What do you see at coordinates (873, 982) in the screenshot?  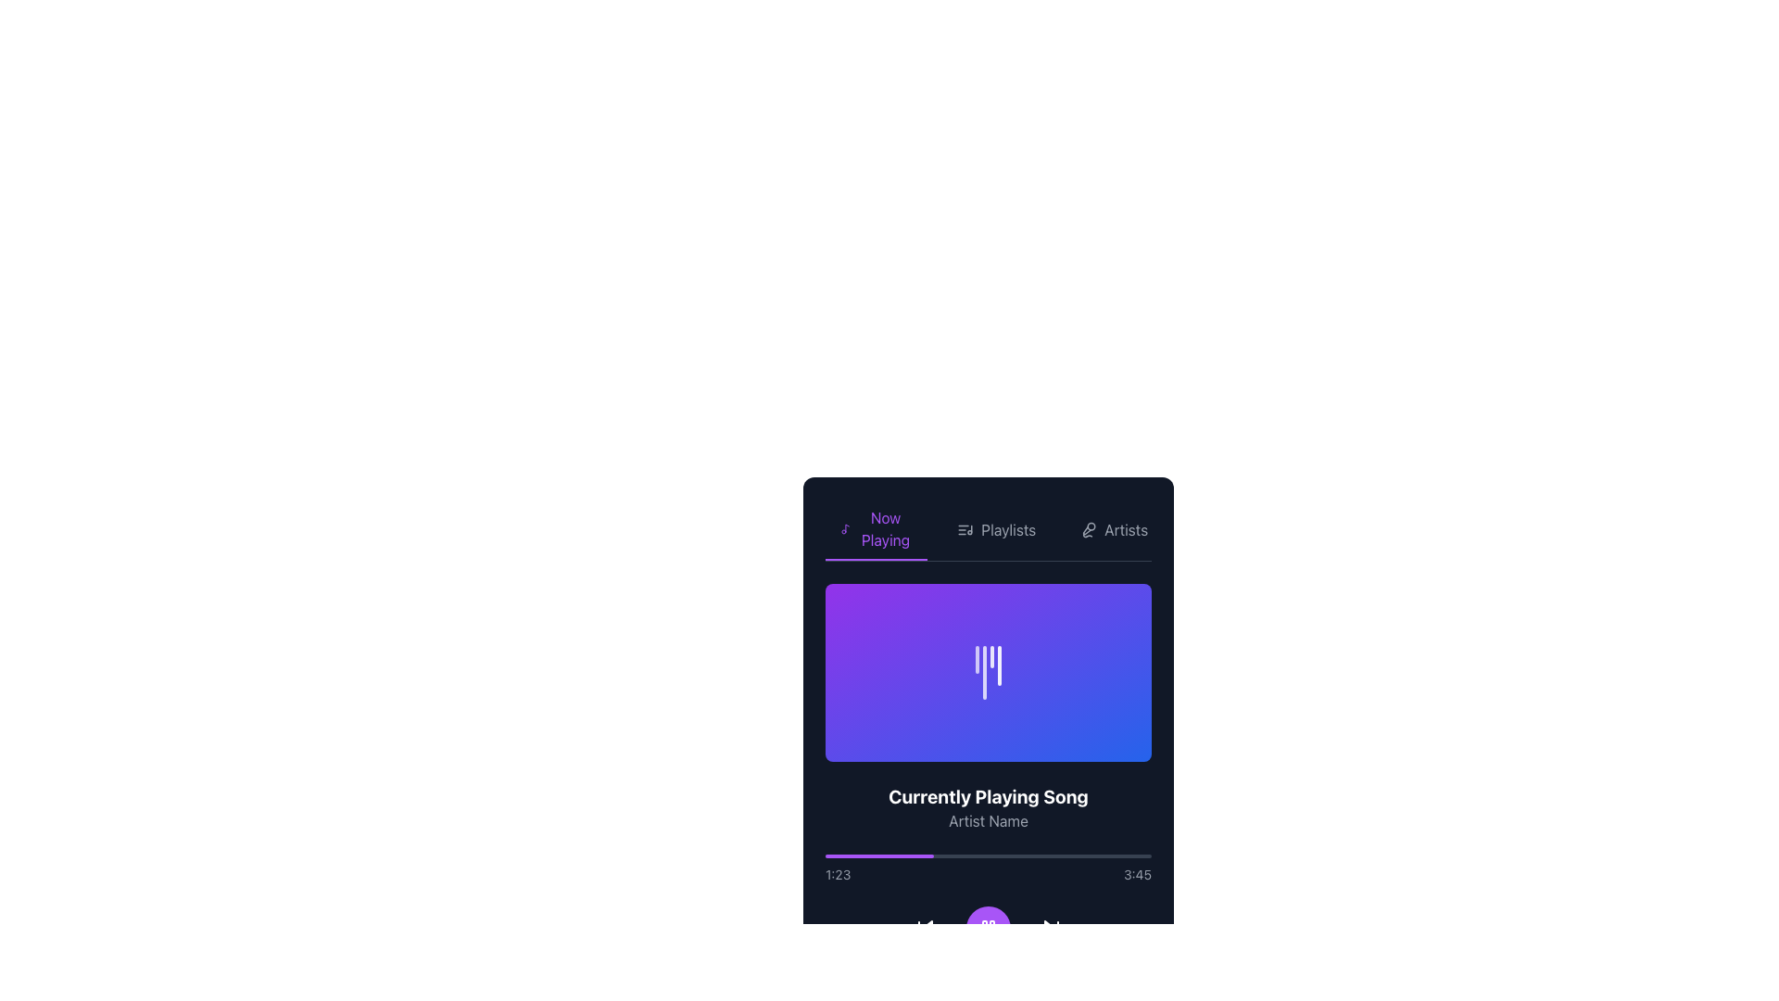 I see `the slider value` at bounding box center [873, 982].